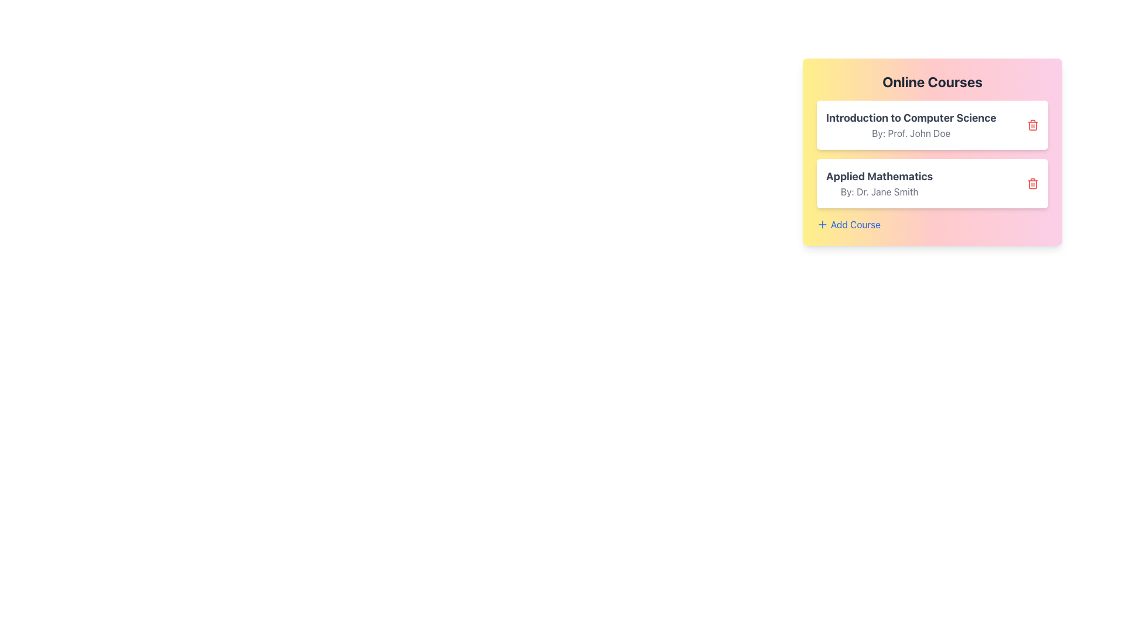  What do you see at coordinates (879, 183) in the screenshot?
I see `the second course listing text label for 'Online Courses', which displays the course title and author's name, located under 'Introduction to Computer Science'` at bounding box center [879, 183].